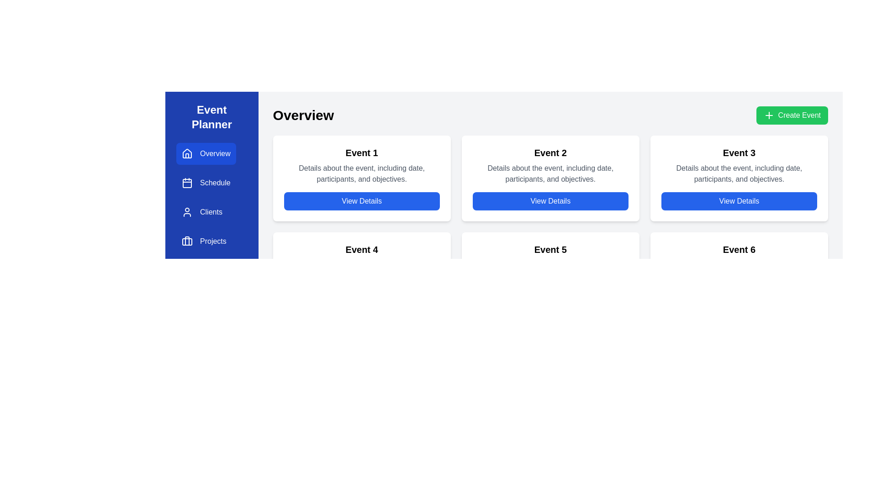 The width and height of the screenshot is (877, 493). Describe the element at coordinates (768, 115) in the screenshot. I see `the add icon within the 'Create Event' button located in the top-right corner of the main content section to create a new event` at that location.